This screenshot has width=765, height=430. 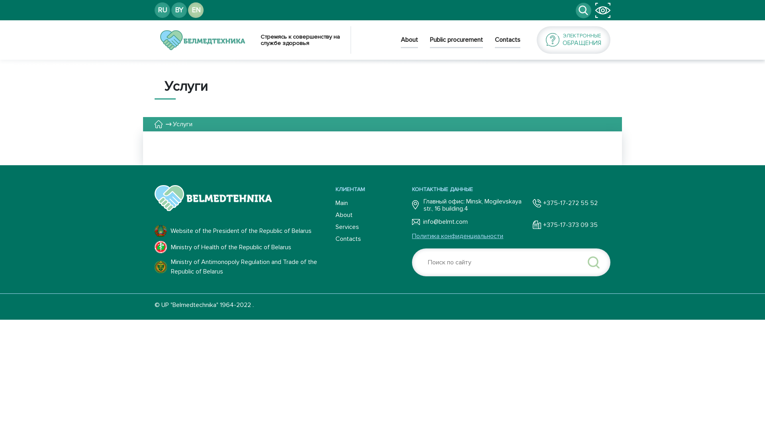 What do you see at coordinates (470, 221) in the screenshot?
I see `'info@belmt.com'` at bounding box center [470, 221].